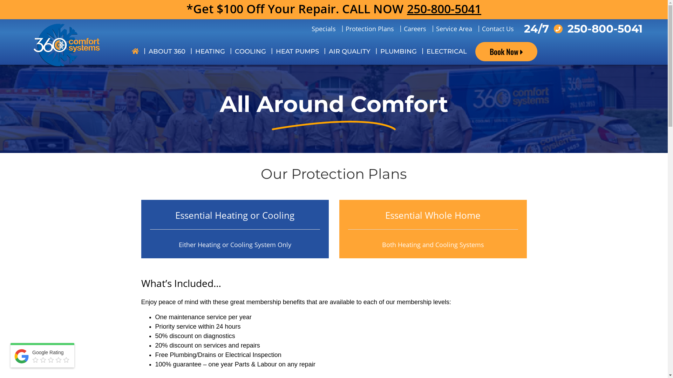 The image size is (673, 378). I want to click on 'Careers', so click(415, 28).